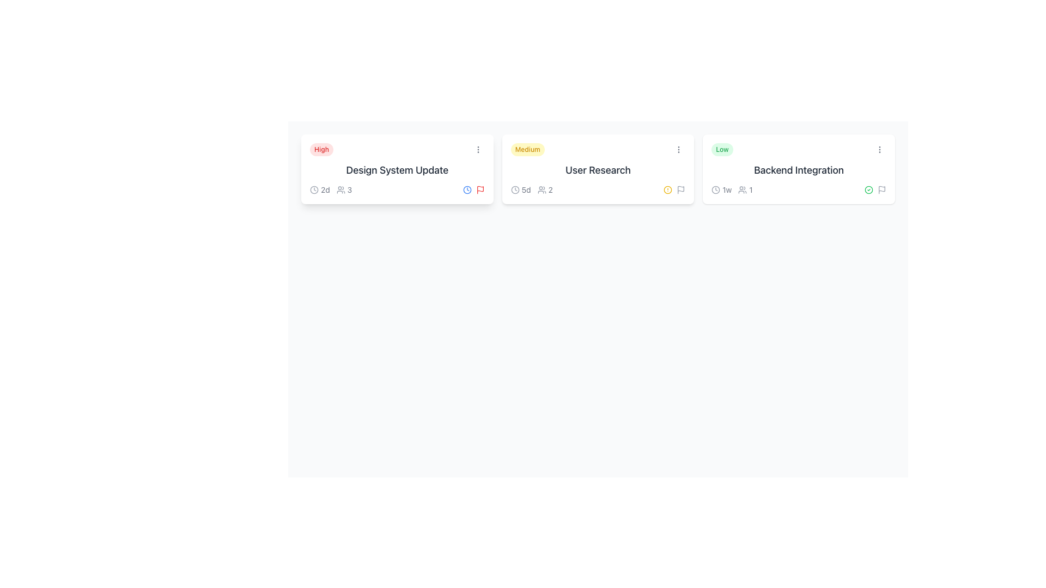 The image size is (1046, 588). I want to click on the blue clock icon in the icon group located at the bottom-right corner of the 'Design System Update' card, so click(473, 189).